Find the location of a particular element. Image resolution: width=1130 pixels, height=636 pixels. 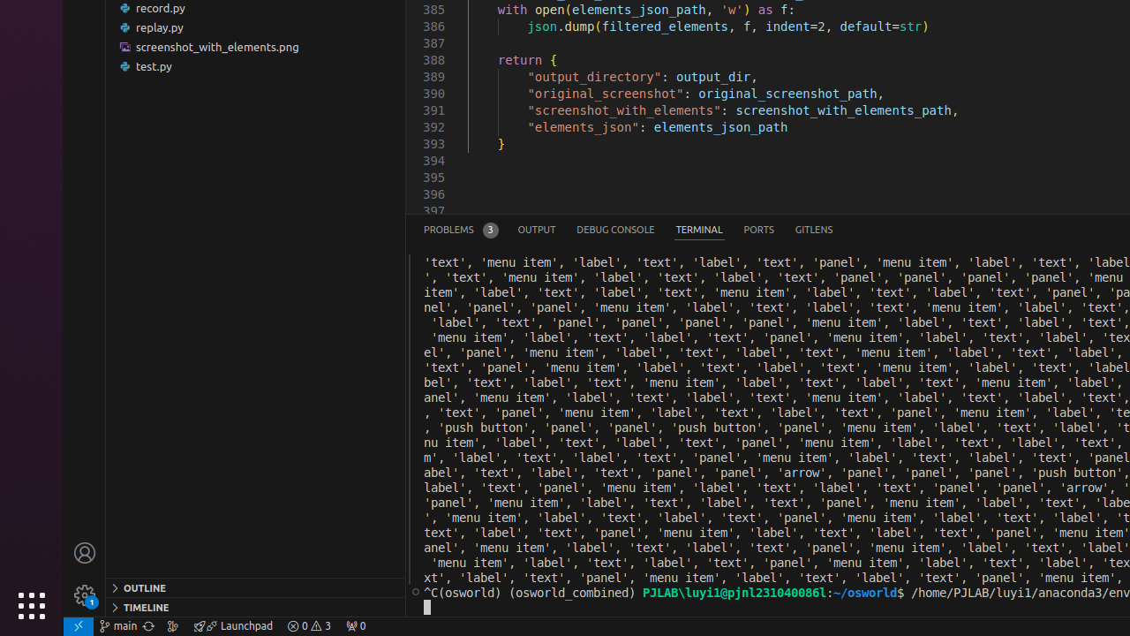

'remote' is located at coordinates (77, 625).